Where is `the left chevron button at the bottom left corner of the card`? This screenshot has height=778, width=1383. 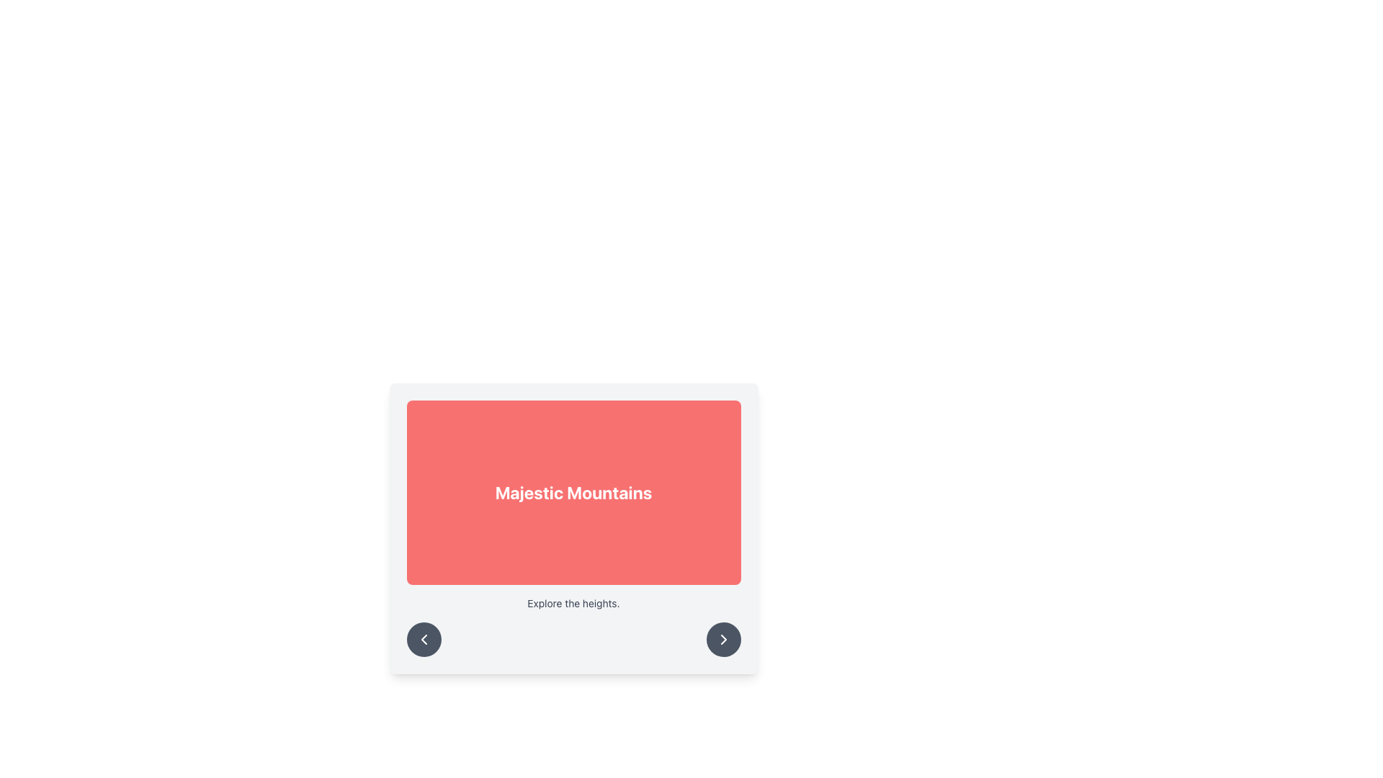 the left chevron button at the bottom left corner of the card is located at coordinates (423, 638).